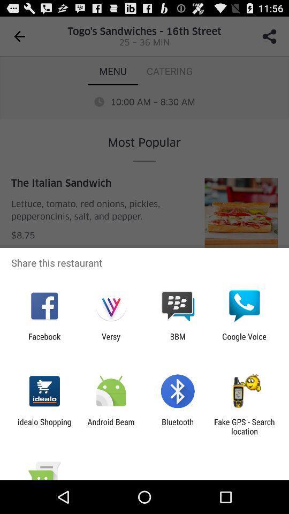 This screenshot has height=514, width=289. What do you see at coordinates (178, 426) in the screenshot?
I see `item to the left of the fake gps search app` at bounding box center [178, 426].